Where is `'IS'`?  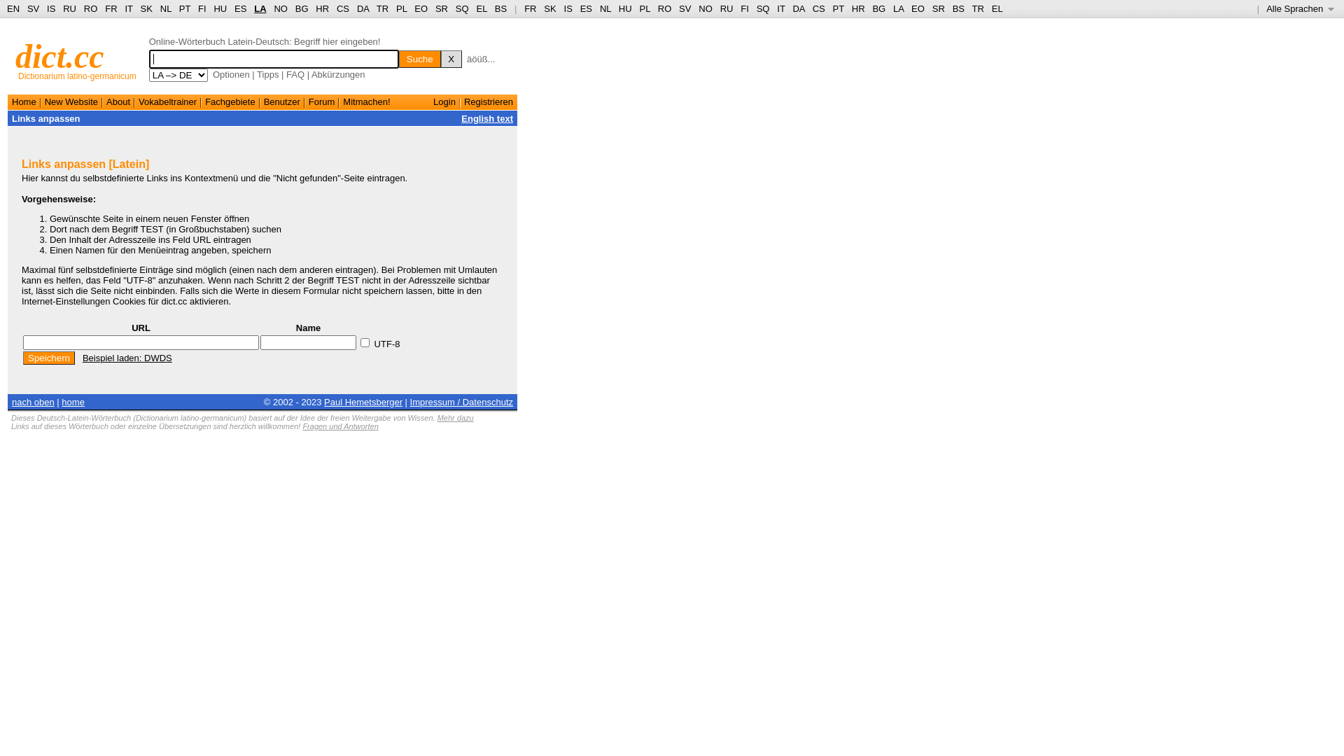 'IS' is located at coordinates (50, 8).